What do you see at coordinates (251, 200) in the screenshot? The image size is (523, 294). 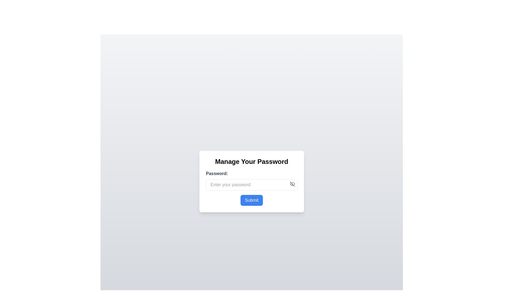 I see `the rounded rectangular button with a blue background and white text that says 'Submit'` at bounding box center [251, 200].